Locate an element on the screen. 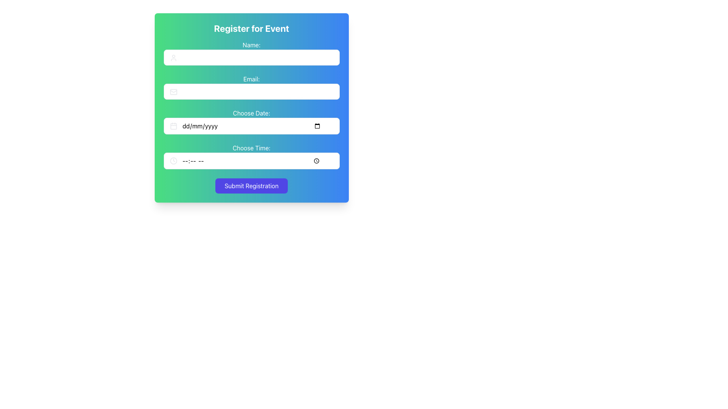  the rectangular date input field with placeholder text 'dd/mm/yyyy' to enable editing is located at coordinates (251, 125).